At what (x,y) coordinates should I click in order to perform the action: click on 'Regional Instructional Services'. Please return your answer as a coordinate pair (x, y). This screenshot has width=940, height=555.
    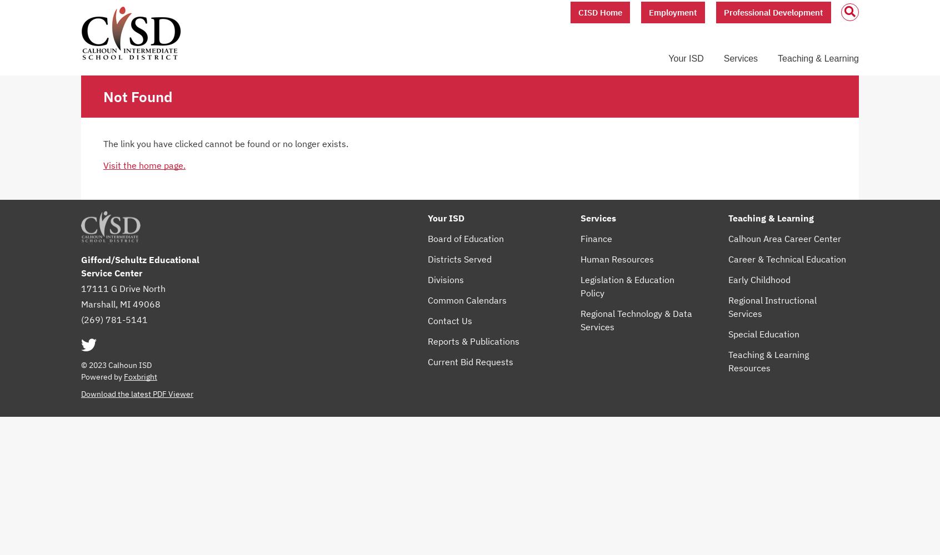
    Looking at the image, I should click on (772, 306).